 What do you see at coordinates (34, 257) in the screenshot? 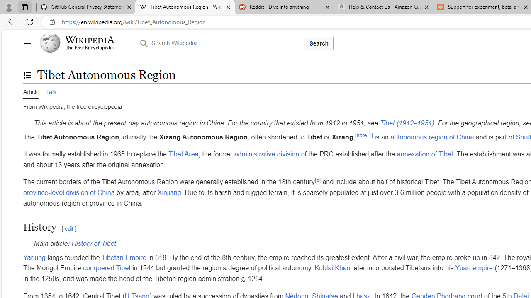
I see `'Yarlung'` at bounding box center [34, 257].